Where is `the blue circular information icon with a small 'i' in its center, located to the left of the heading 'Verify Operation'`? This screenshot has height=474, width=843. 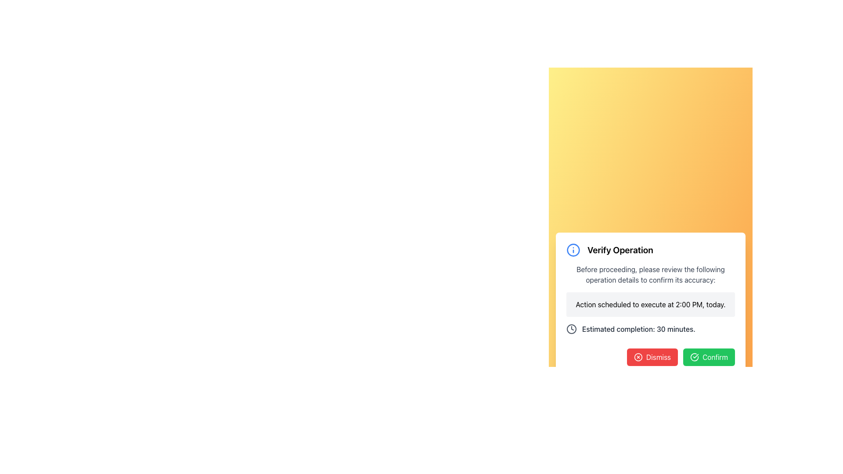 the blue circular information icon with a small 'i' in its center, located to the left of the heading 'Verify Operation' is located at coordinates (573, 250).